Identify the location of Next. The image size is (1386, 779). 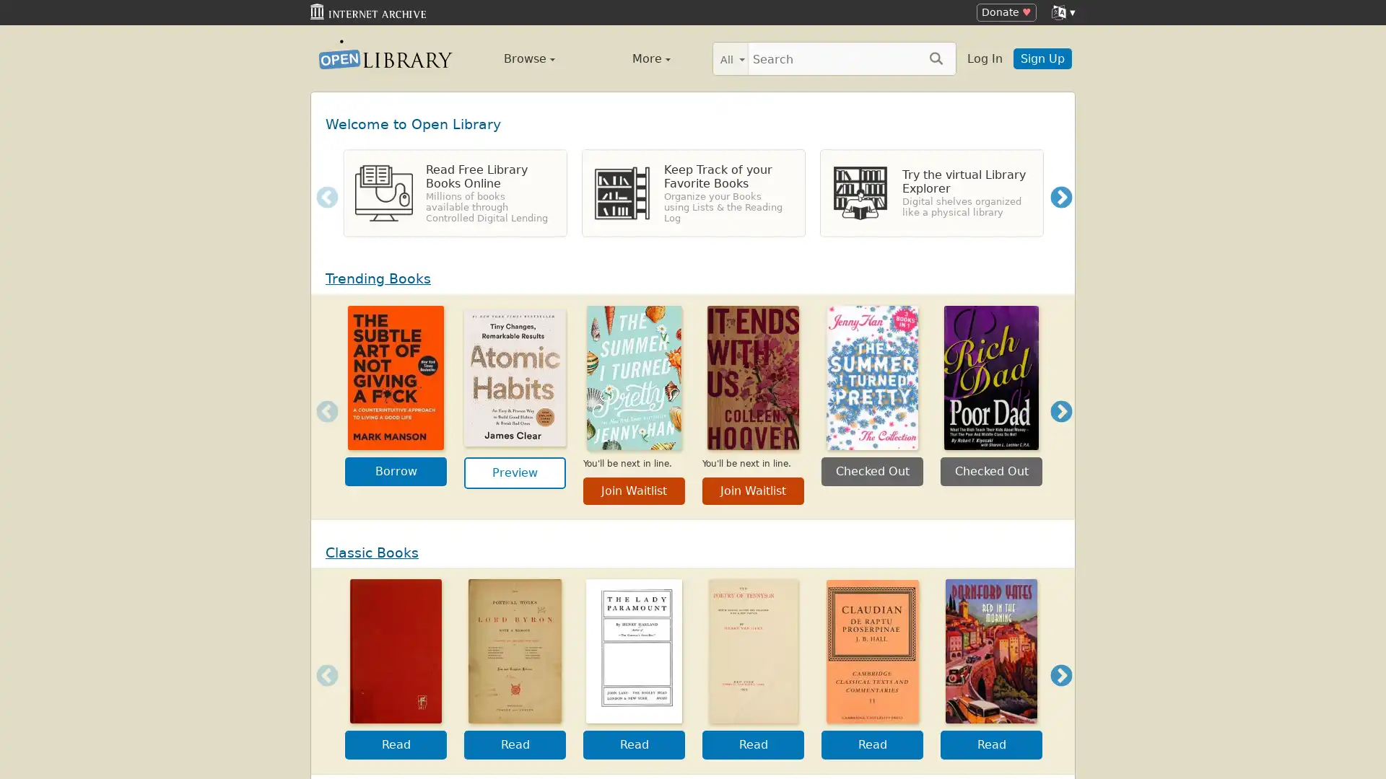
(1061, 198).